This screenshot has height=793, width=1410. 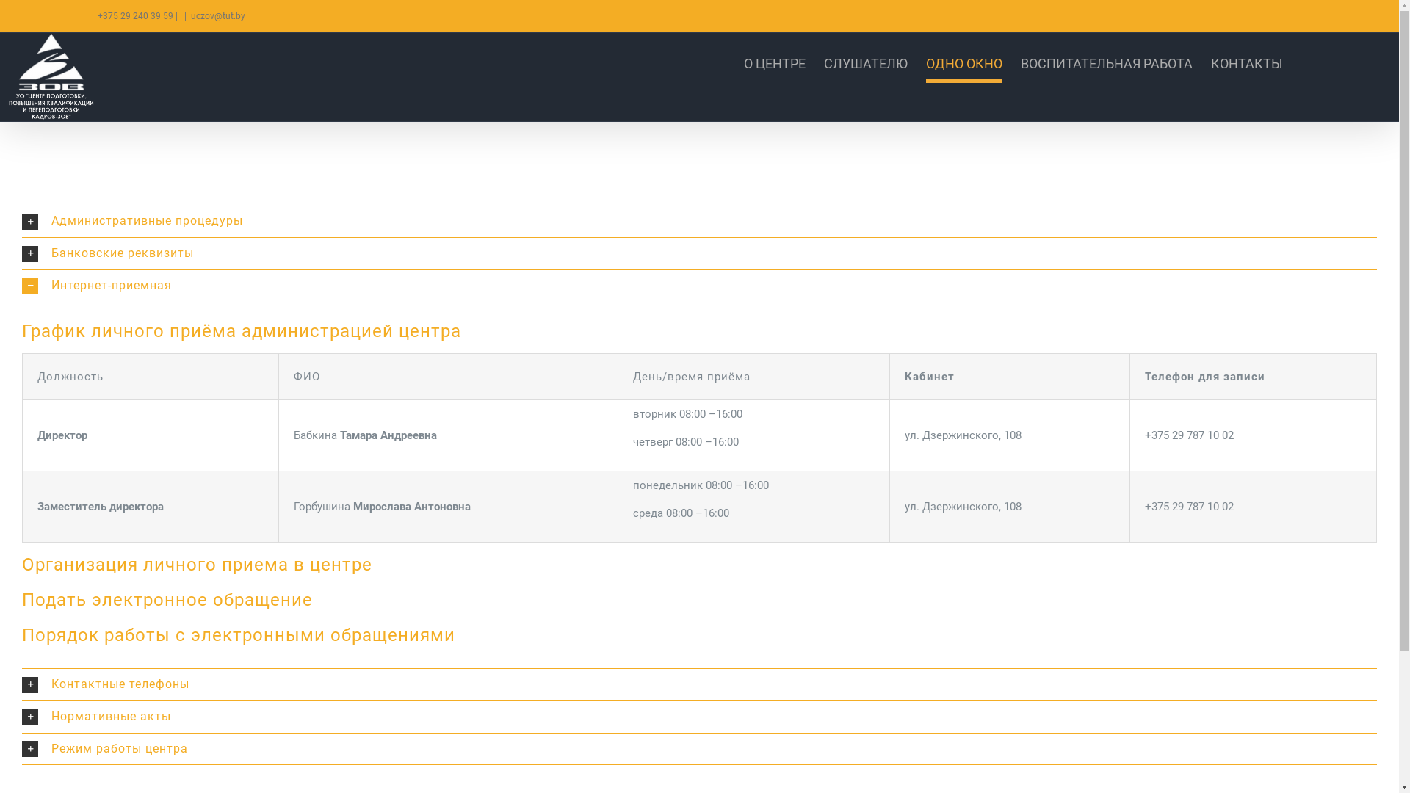 I want to click on 'uczov@tut.by', so click(x=217, y=16).